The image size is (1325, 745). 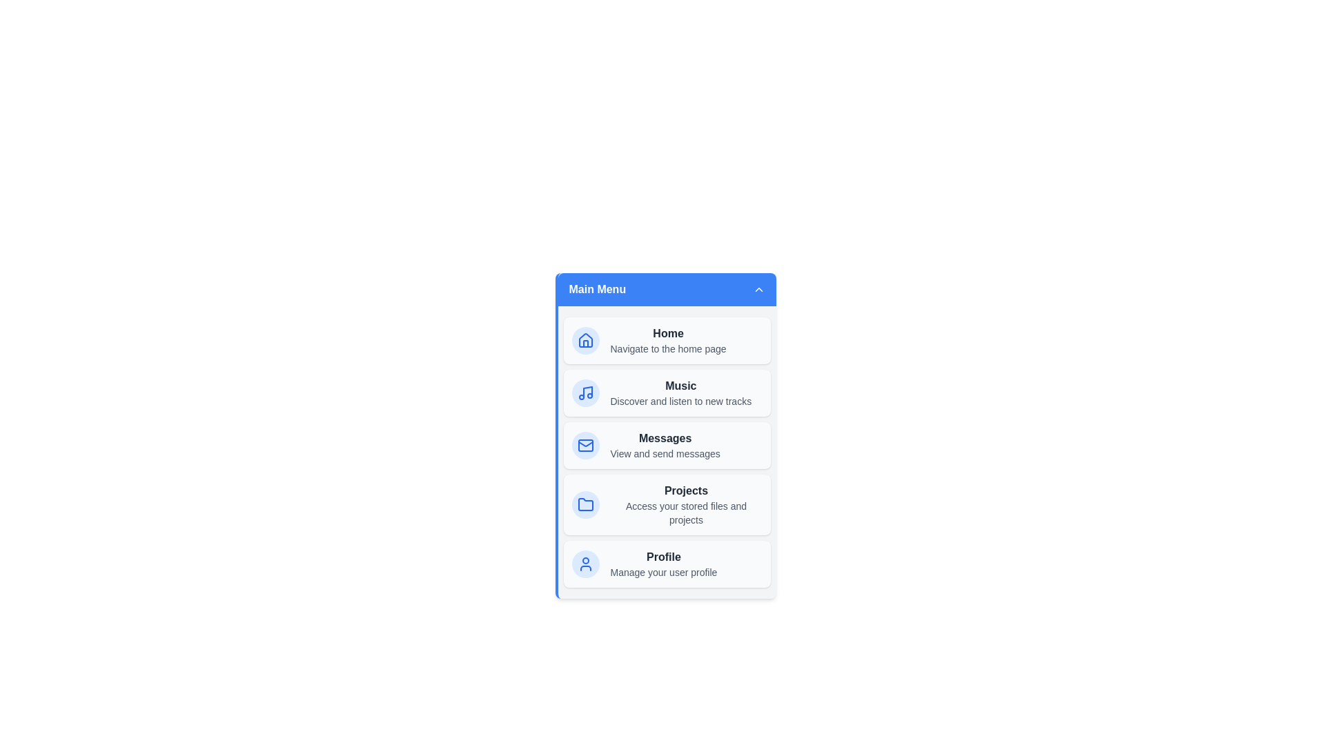 What do you see at coordinates (667, 445) in the screenshot?
I see `the menu item corresponding to Messages` at bounding box center [667, 445].